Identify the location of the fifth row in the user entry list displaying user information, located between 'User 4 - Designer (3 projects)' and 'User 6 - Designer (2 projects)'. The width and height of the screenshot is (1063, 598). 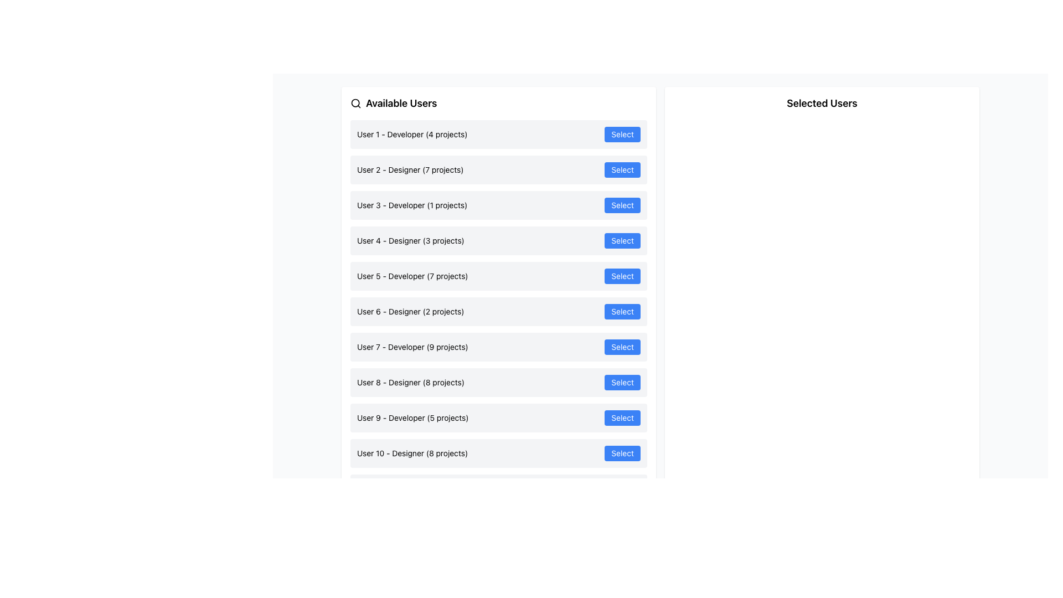
(498, 275).